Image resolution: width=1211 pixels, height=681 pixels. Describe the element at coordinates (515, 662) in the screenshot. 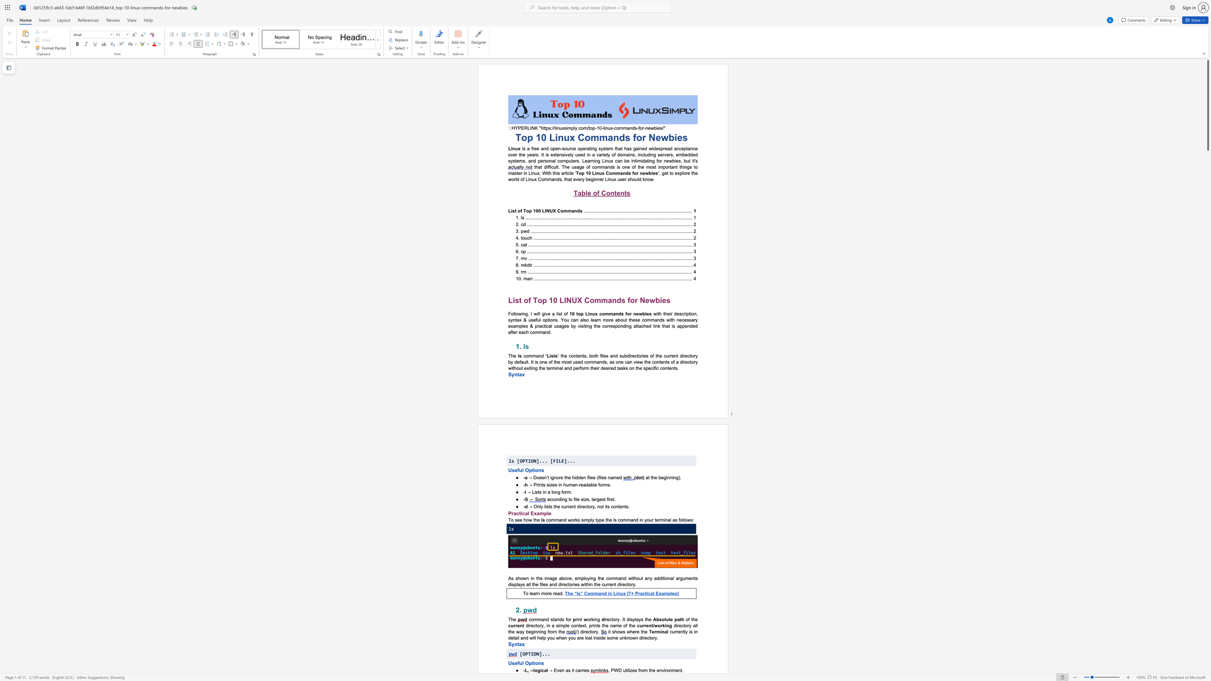

I see `the subset text "eful Option" within the text "Useful Options"` at that location.